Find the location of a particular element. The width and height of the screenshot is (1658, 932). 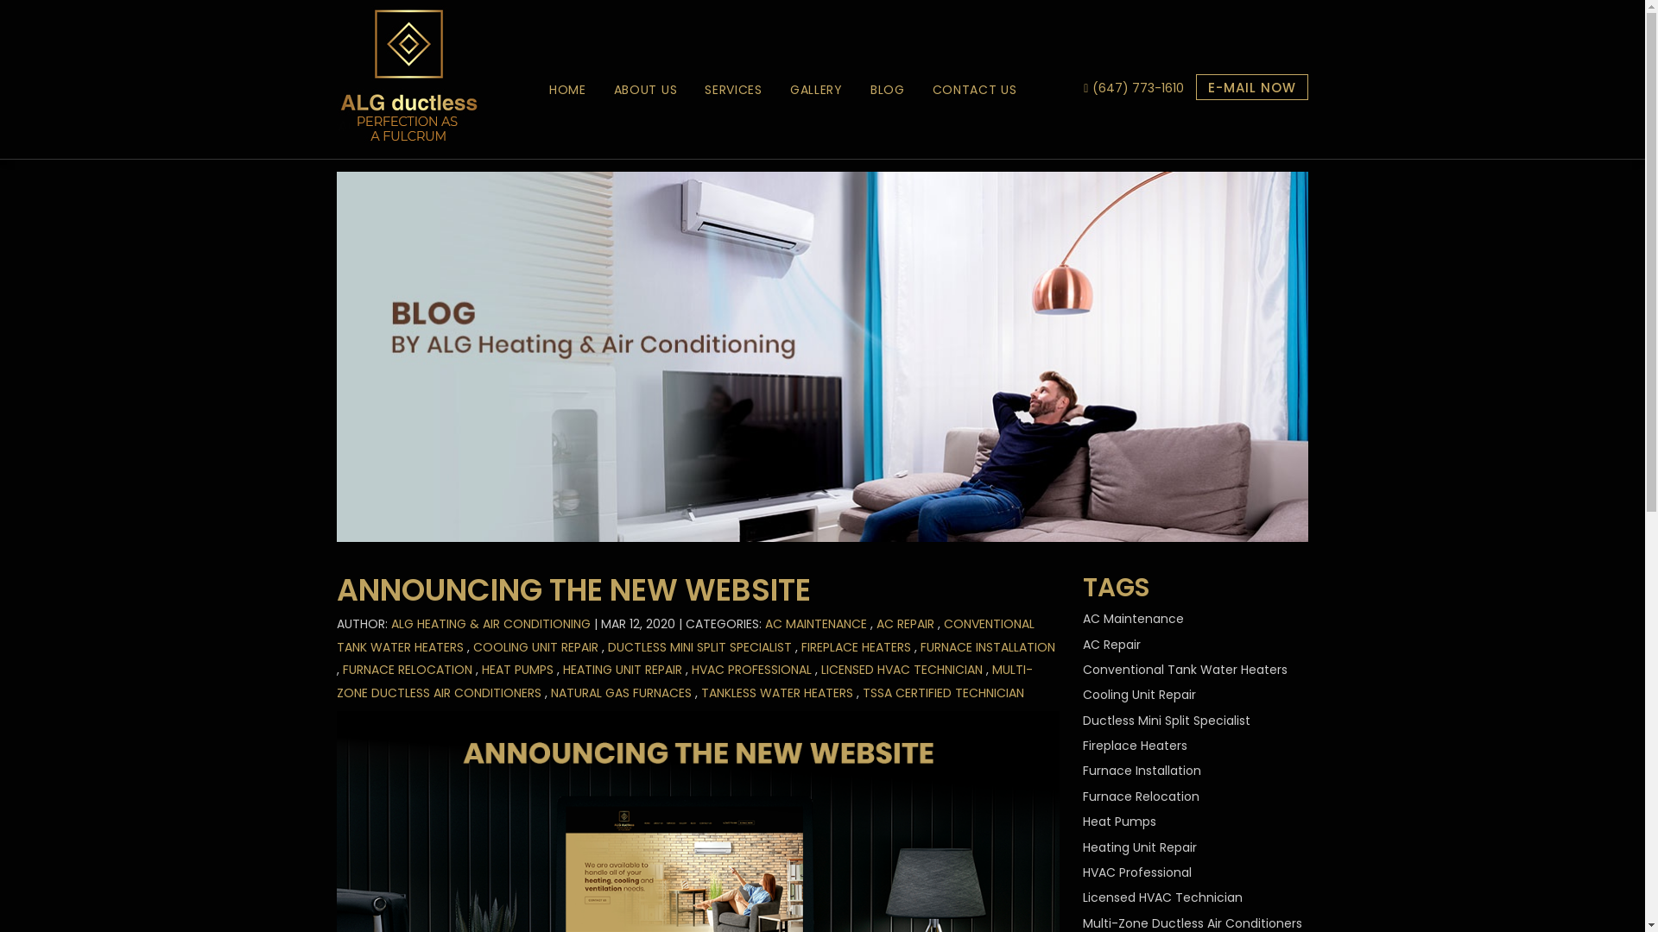

'DUCTLESS MINI SPLIT SPECIALIST' is located at coordinates (699, 646).